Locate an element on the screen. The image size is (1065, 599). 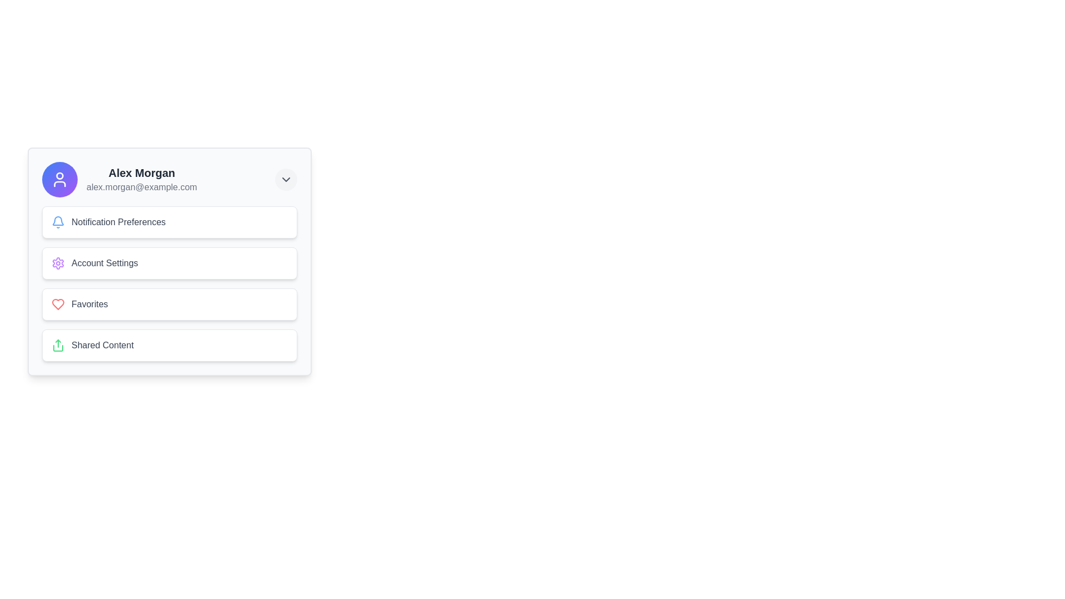
the 'Favorites' icon located in the dropdown menu, which represents the section for saving or marking items as favorites, positioned adjacent to the 'Favorites' label is located at coordinates (58, 304).